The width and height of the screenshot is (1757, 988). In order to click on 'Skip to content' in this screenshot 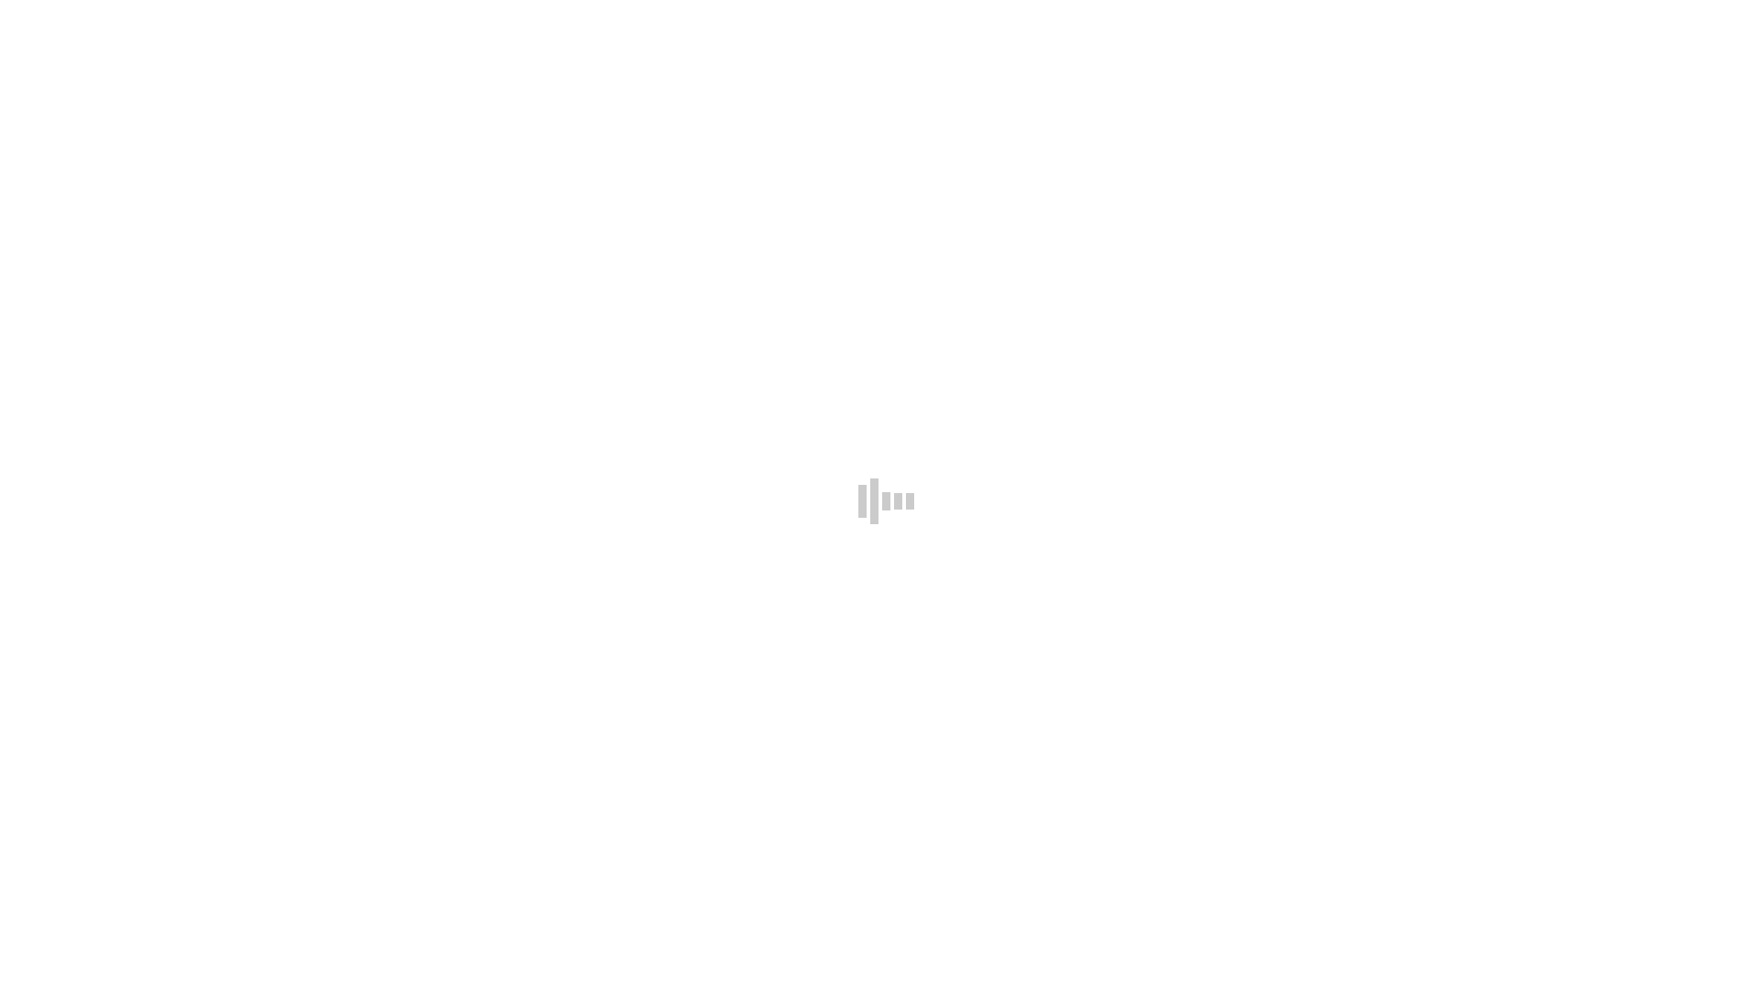, I will do `click(7, 15)`.